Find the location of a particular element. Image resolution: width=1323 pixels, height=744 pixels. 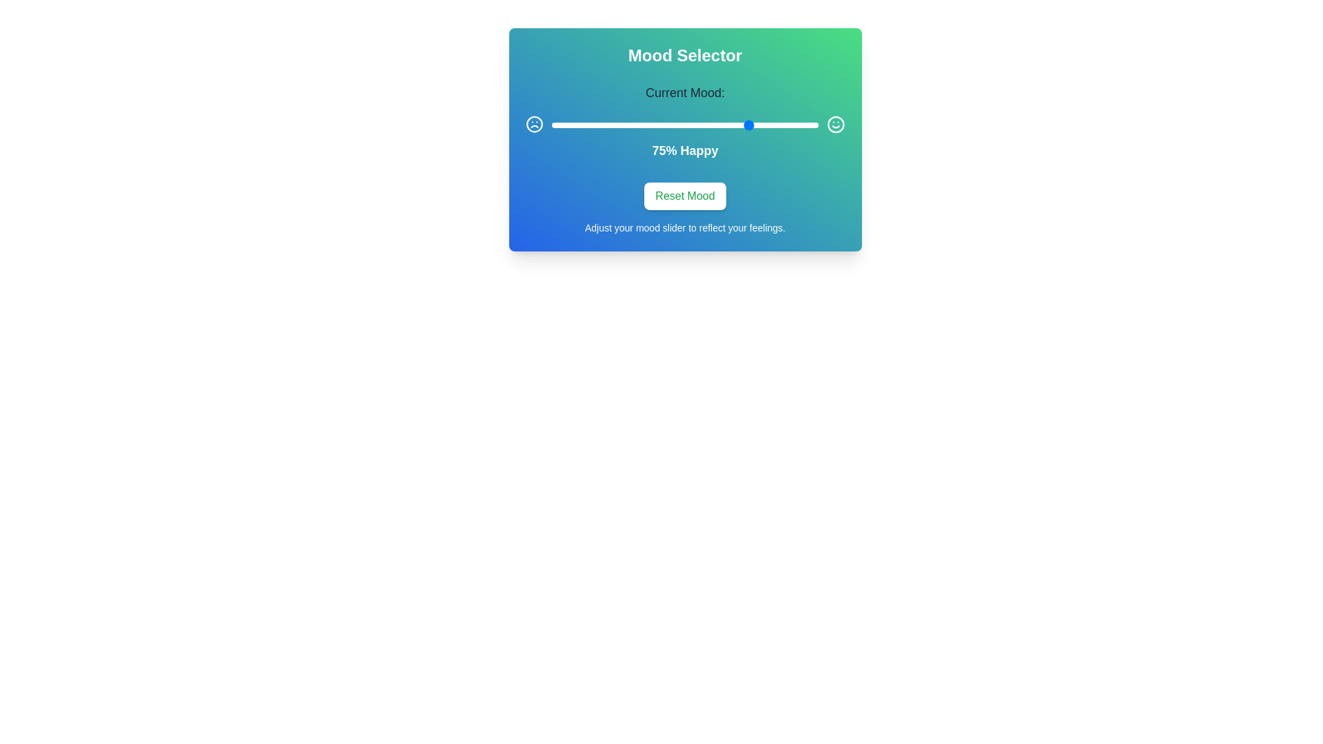

the 'Reset Mood' button to set the mood to 50 is located at coordinates (685, 196).